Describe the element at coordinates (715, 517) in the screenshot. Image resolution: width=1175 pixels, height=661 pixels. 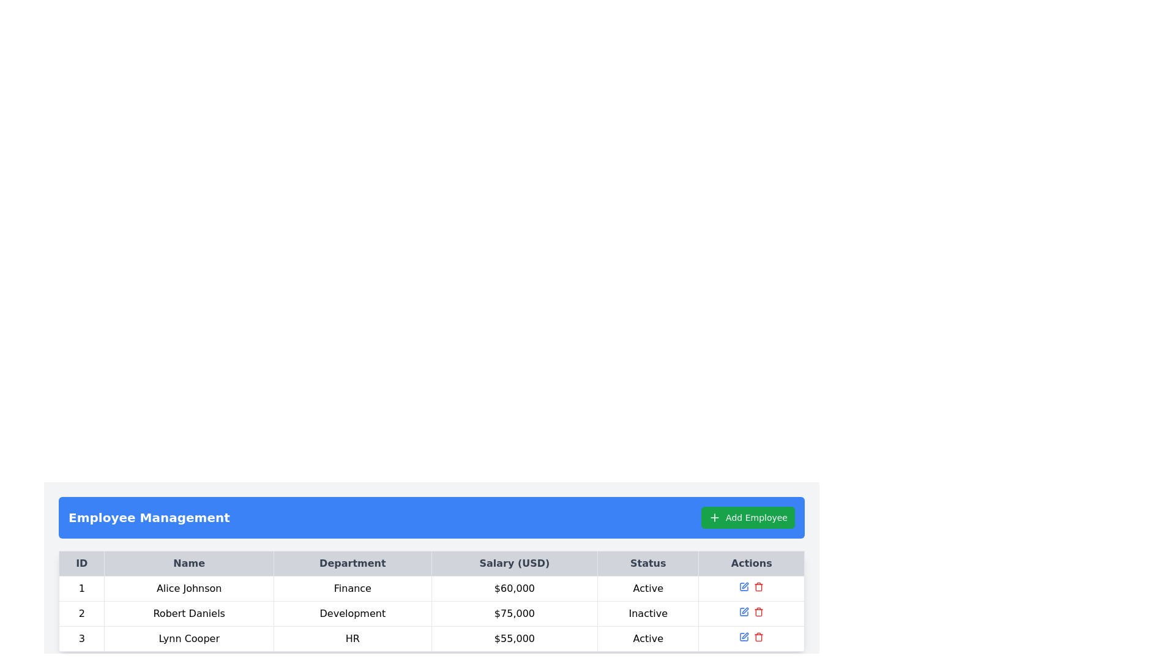
I see `the green button labeled 'Add Employee' located in the top-right corner of the interface` at that location.